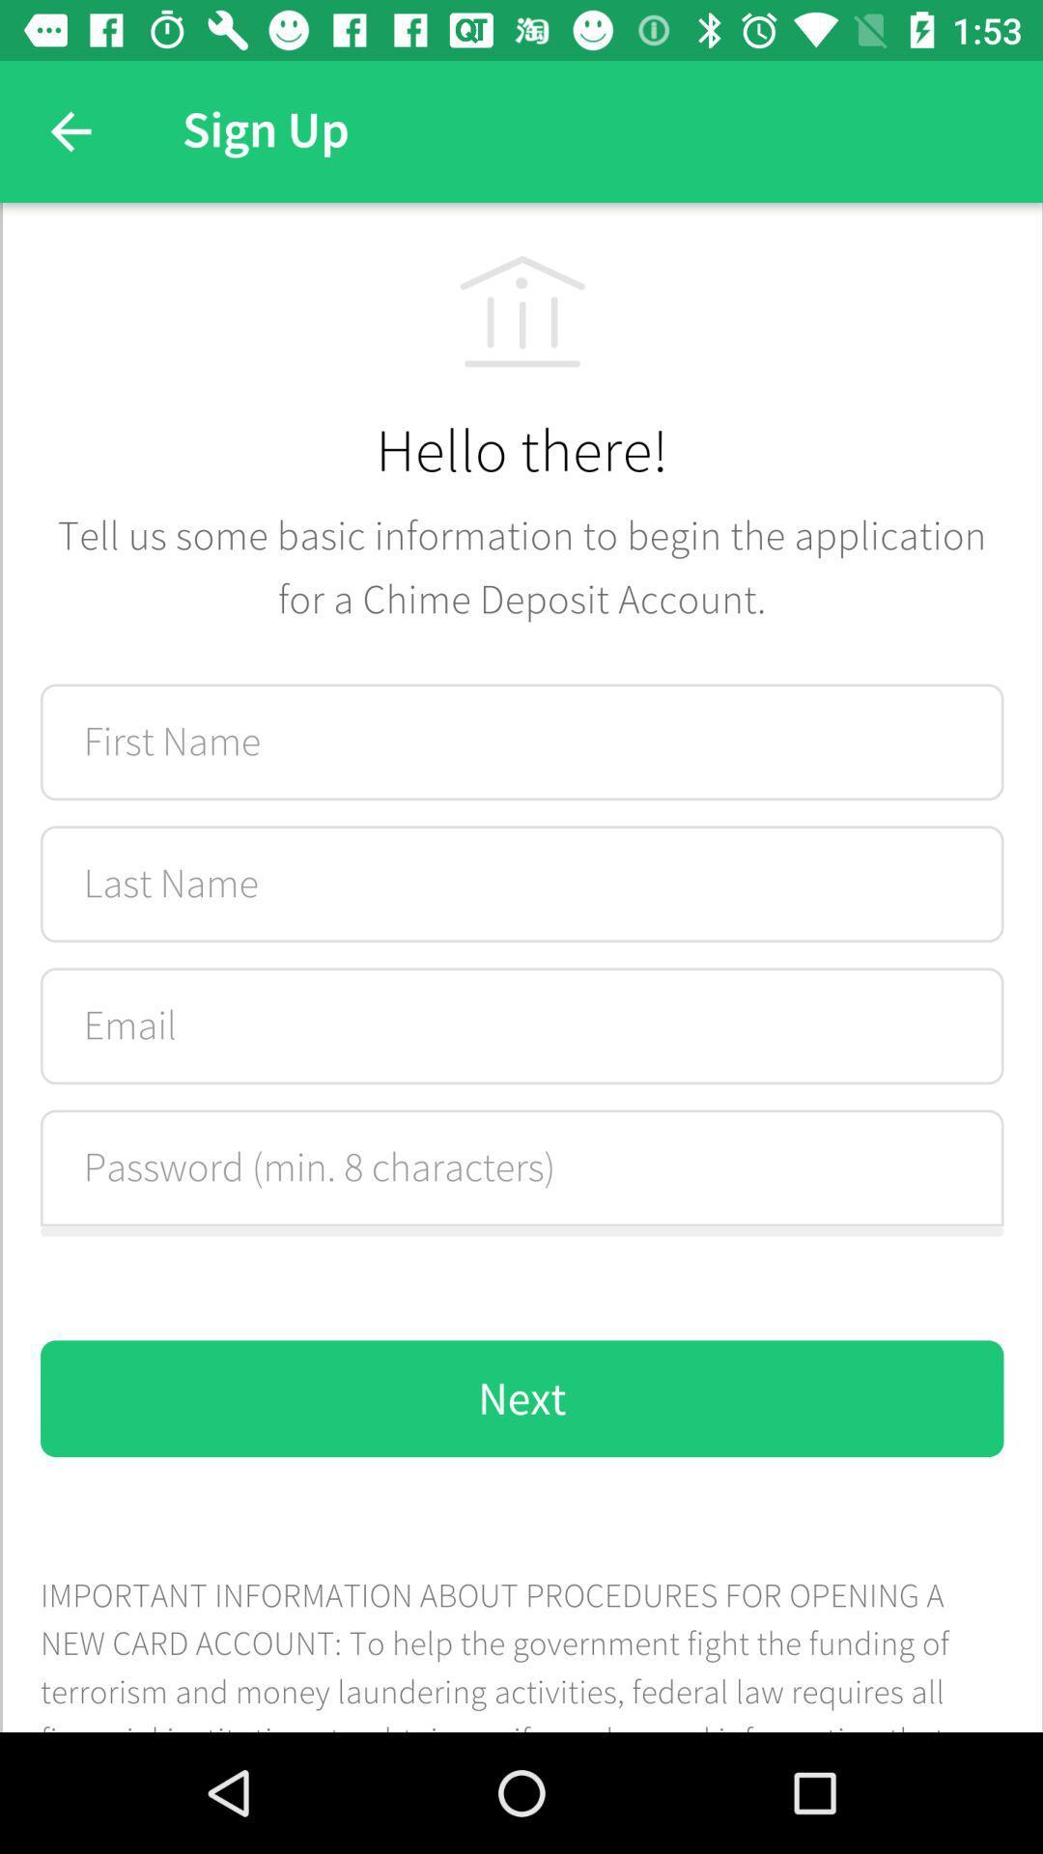 This screenshot has height=1854, width=1043. I want to click on fill the form, so click(521, 968).